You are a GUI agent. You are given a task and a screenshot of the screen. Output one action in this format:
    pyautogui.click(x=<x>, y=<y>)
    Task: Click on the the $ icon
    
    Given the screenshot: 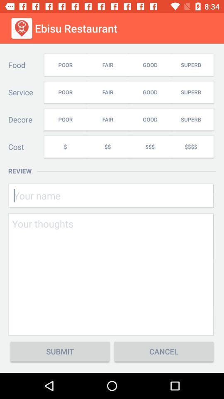 What is the action you would take?
    pyautogui.click(x=65, y=147)
    